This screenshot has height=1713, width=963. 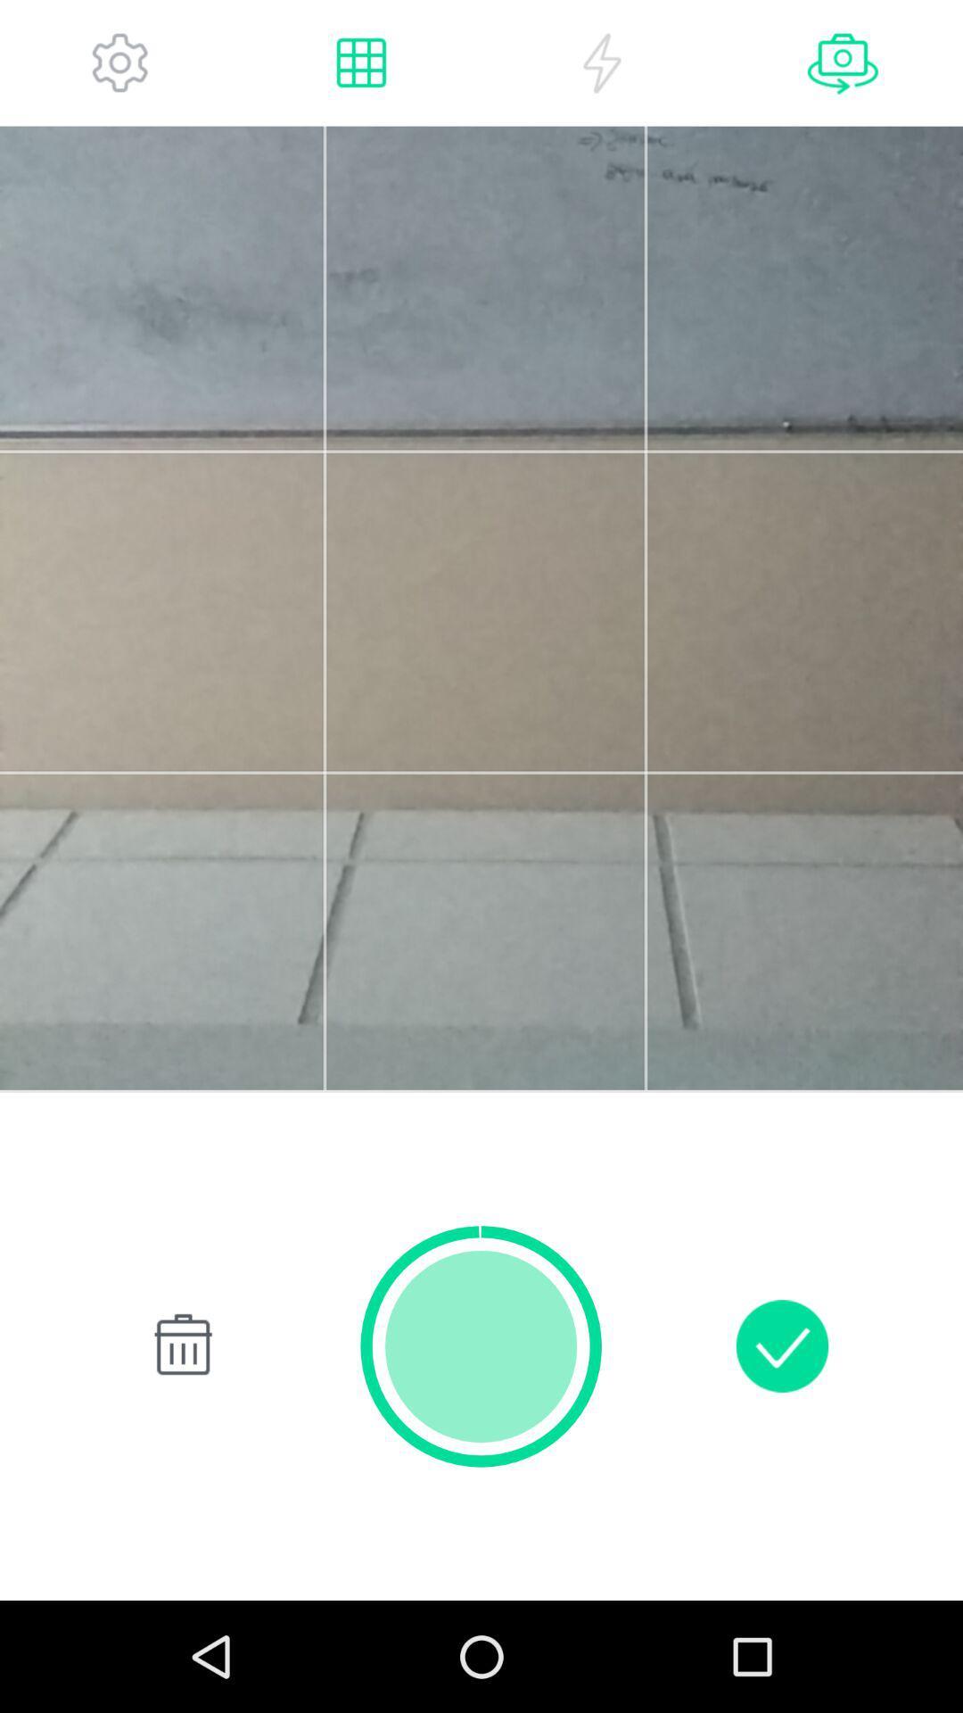 What do you see at coordinates (179, 1345) in the screenshot?
I see `delete screenshot` at bounding box center [179, 1345].